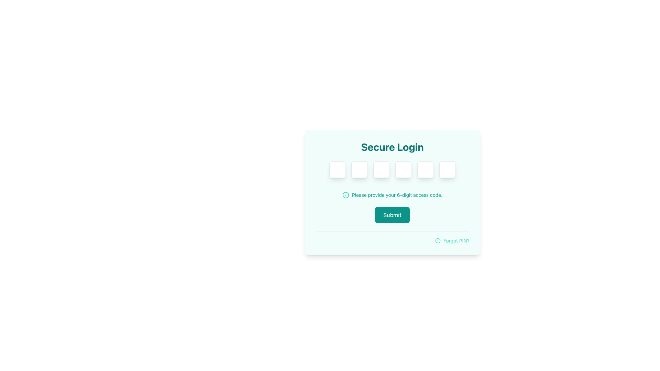 The image size is (660, 371). What do you see at coordinates (392, 214) in the screenshot?
I see `the 'Submit' button located within the 'Secure Login' form` at bounding box center [392, 214].